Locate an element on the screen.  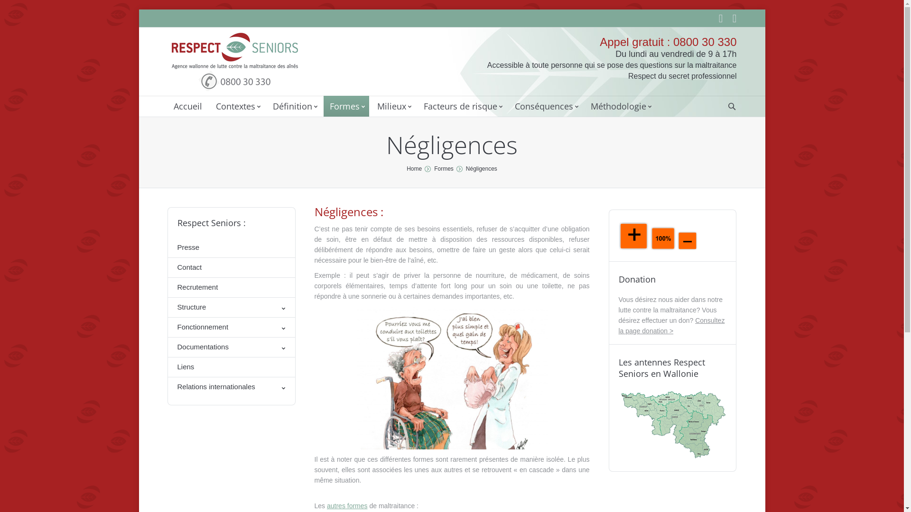
'Home' is located at coordinates (414, 168).